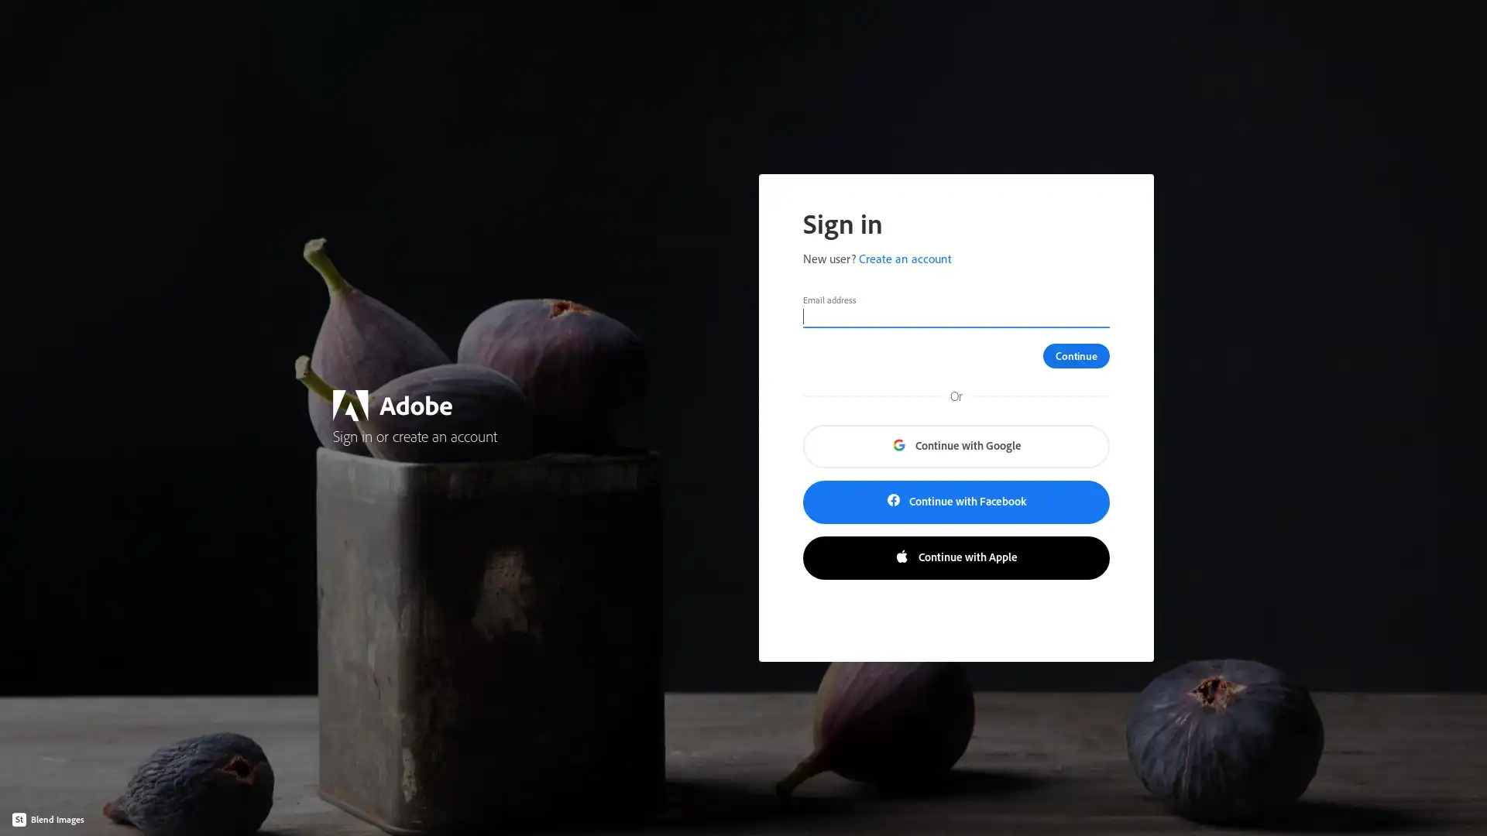 The height and width of the screenshot is (836, 1487). Describe the element at coordinates (955, 558) in the screenshot. I see `Continue with Apple` at that location.